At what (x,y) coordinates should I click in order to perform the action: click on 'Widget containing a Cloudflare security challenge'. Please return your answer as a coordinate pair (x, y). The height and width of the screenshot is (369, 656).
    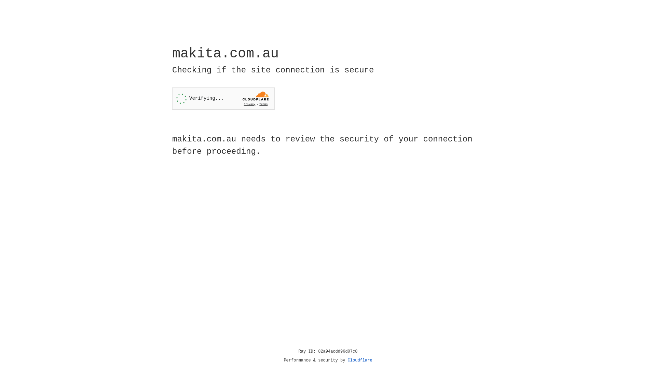
    Looking at the image, I should click on (223, 98).